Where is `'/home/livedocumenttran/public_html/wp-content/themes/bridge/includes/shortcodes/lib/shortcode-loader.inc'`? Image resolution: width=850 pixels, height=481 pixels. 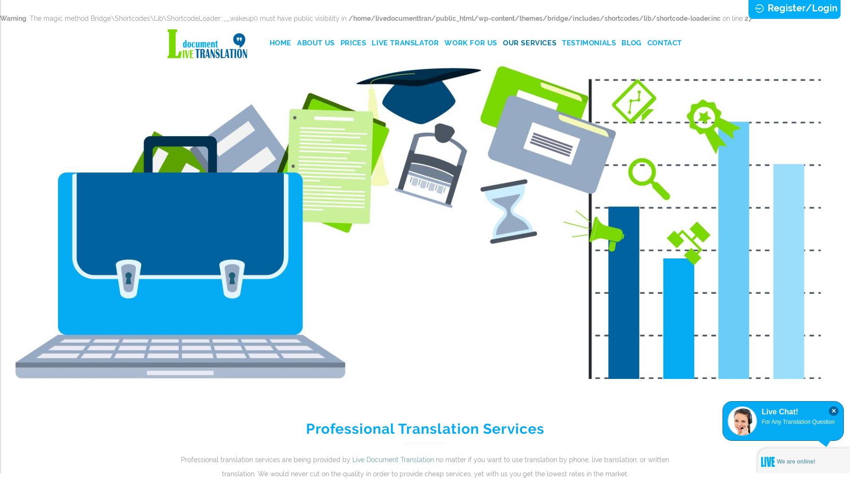
'/home/livedocumenttran/public_html/wp-content/themes/bridge/includes/shortcodes/lib/shortcode-loader.inc' is located at coordinates (534, 17).